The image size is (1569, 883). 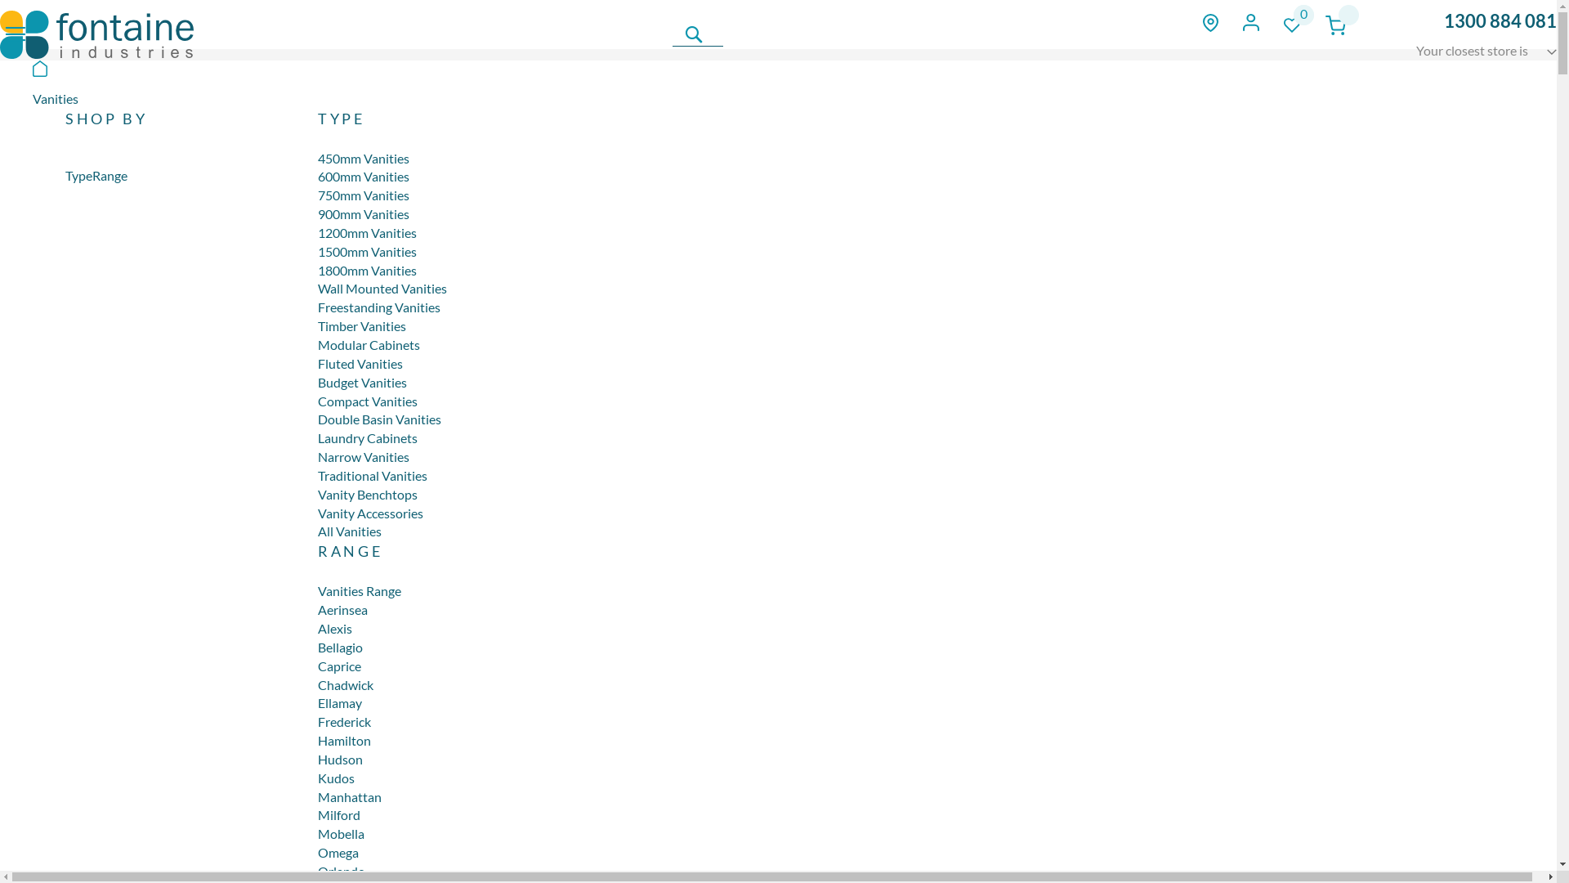 I want to click on 'Manhattan', so click(x=348, y=796).